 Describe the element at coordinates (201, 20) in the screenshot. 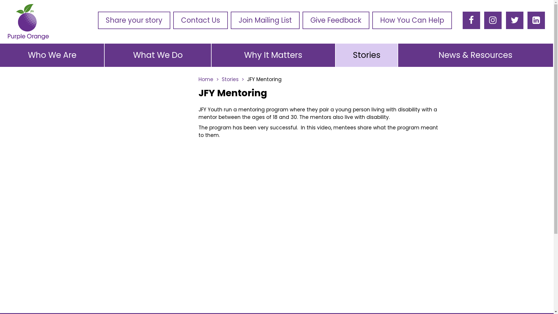

I see `'Contact Us'` at that location.